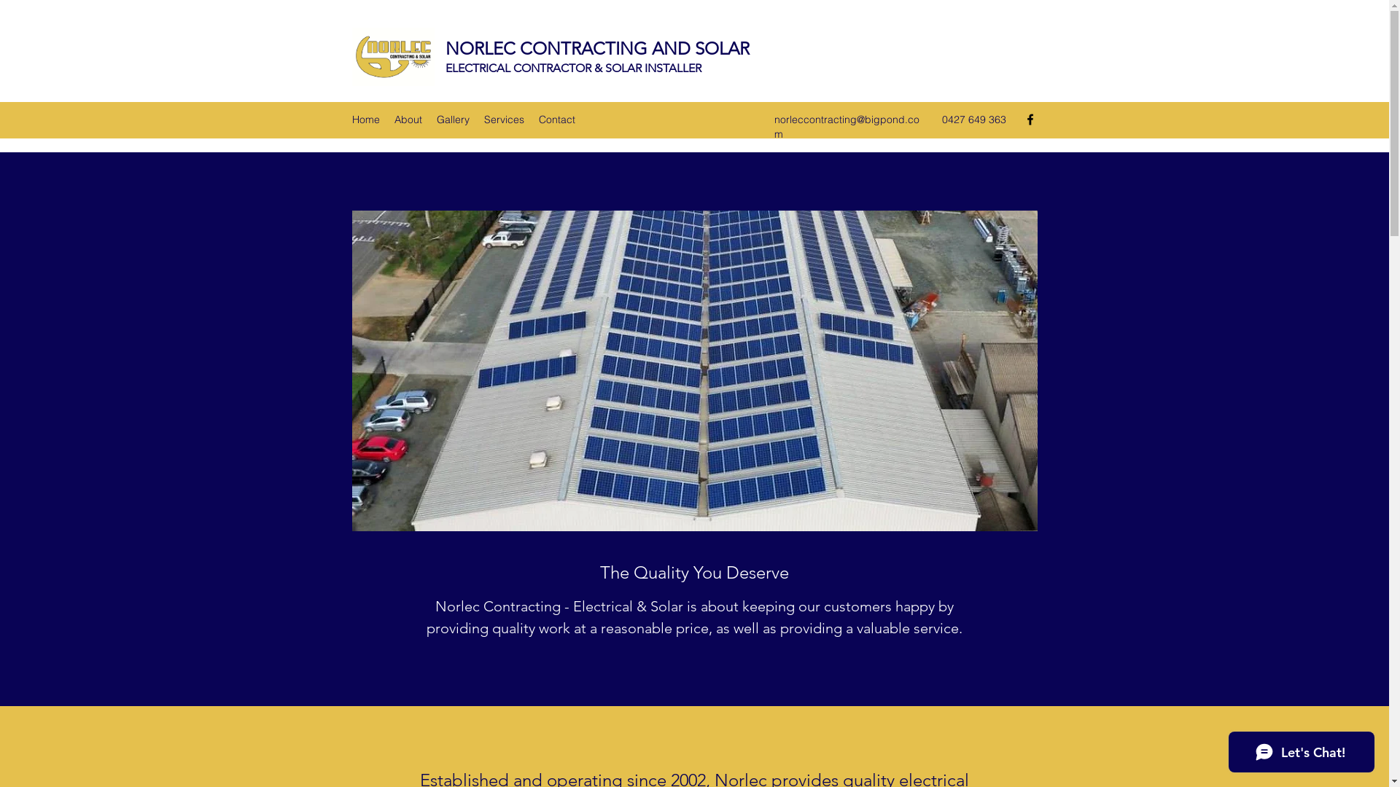 The image size is (1400, 787). What do you see at coordinates (365, 119) in the screenshot?
I see `'Home'` at bounding box center [365, 119].